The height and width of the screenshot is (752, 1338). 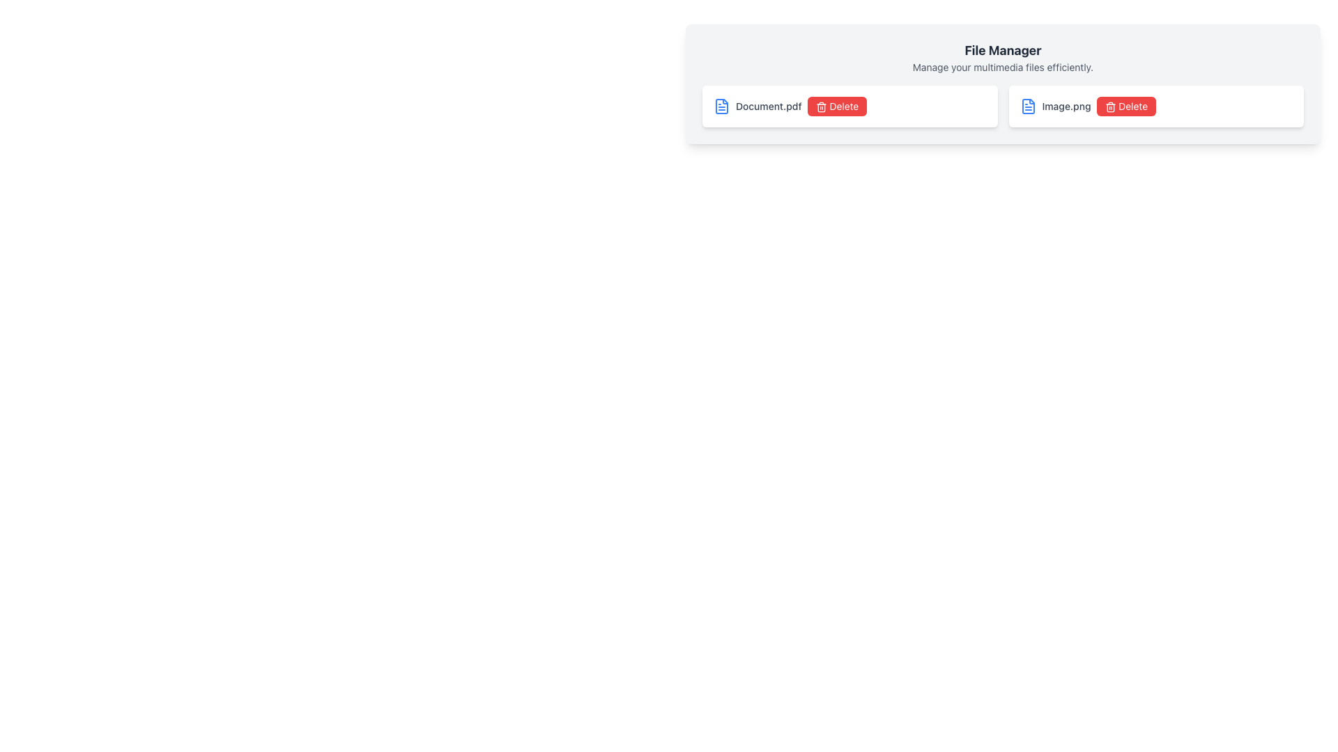 I want to click on heading 'File Manager' and the subheading 'Manage your multimedia files efficiently.' from the topmost text section of the file manager interface, so click(x=1002, y=57).